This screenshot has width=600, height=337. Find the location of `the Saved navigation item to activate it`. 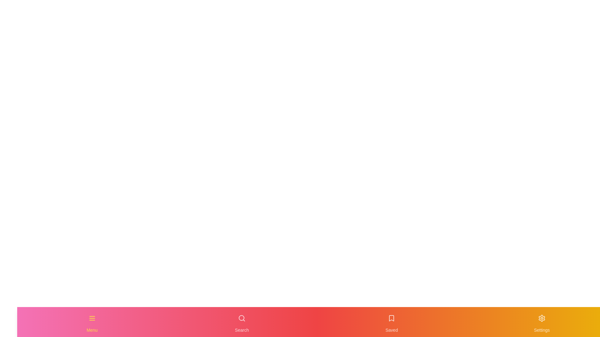

the Saved navigation item to activate it is located at coordinates (391, 322).